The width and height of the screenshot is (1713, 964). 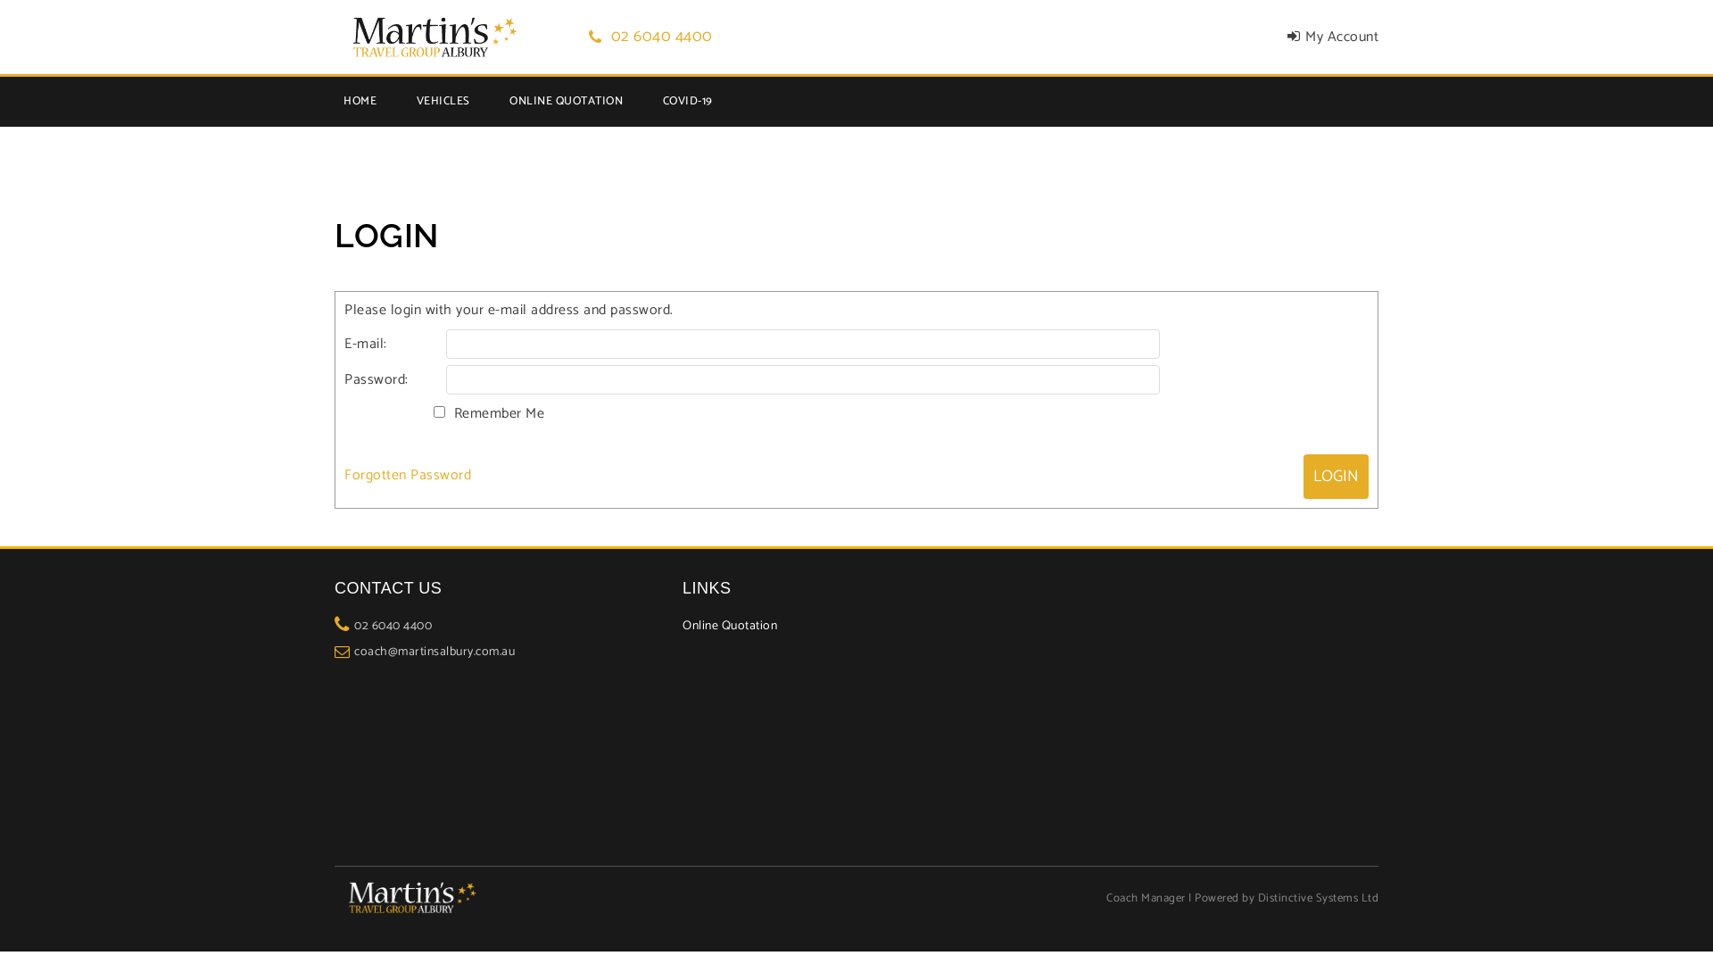 What do you see at coordinates (1319, 37) in the screenshot?
I see `'My Account'` at bounding box center [1319, 37].